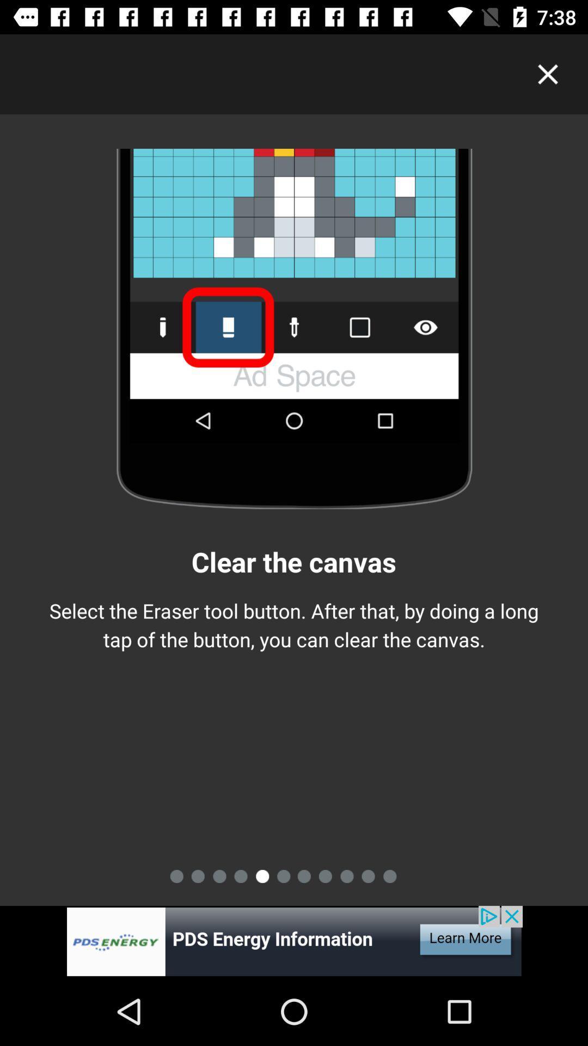  What do you see at coordinates (548, 74) in the screenshot?
I see `clock` at bounding box center [548, 74].